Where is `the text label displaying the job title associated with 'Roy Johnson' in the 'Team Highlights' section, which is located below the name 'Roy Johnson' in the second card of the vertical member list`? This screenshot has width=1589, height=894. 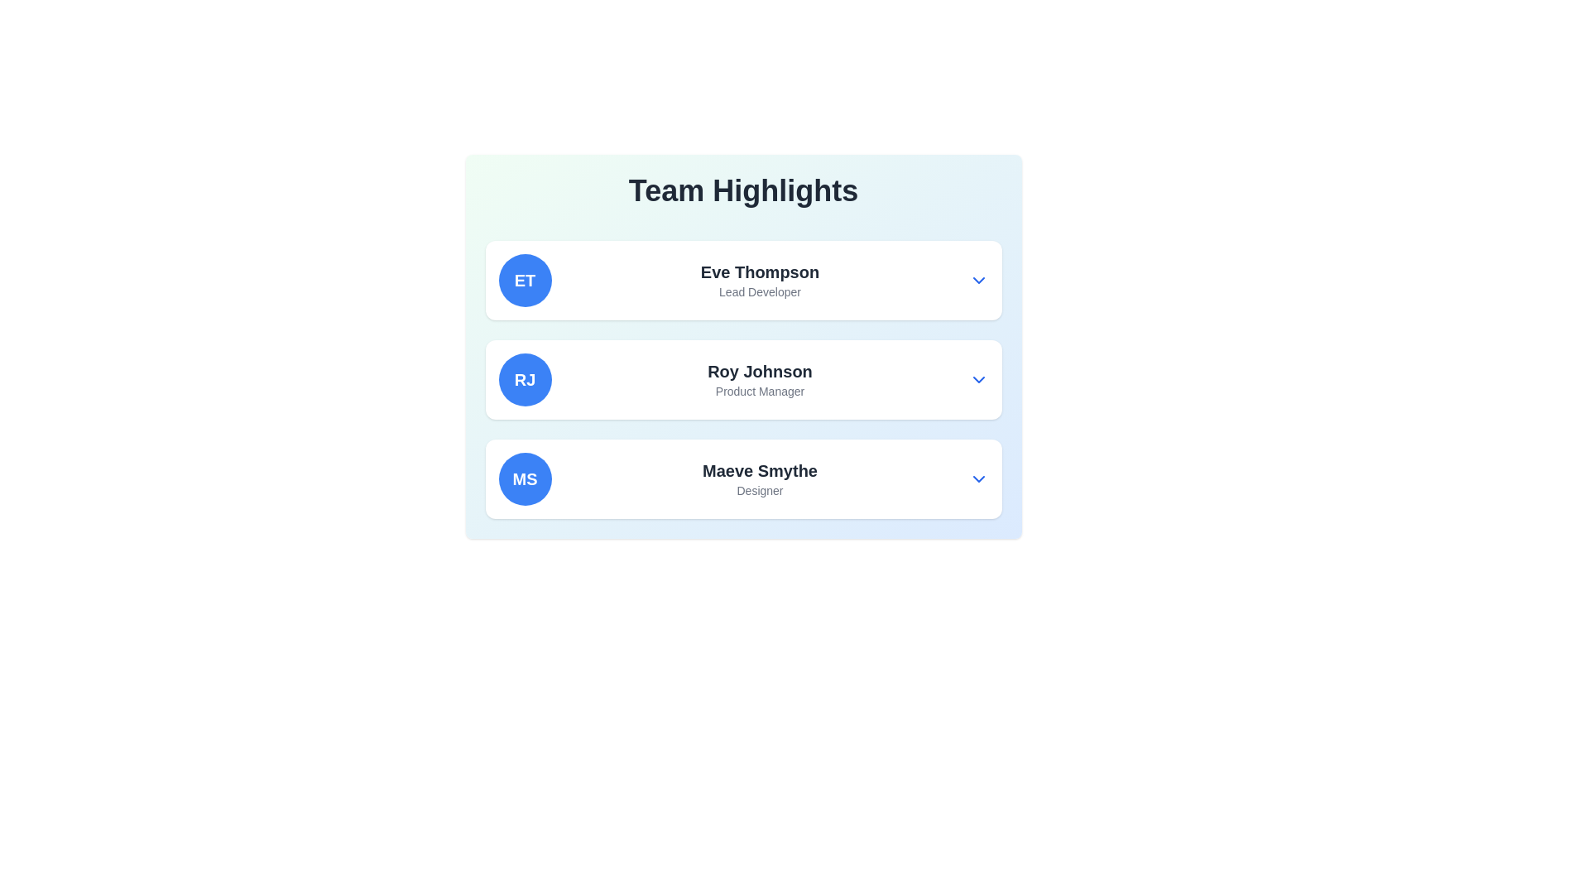
the text label displaying the job title associated with 'Roy Johnson' in the 'Team Highlights' section, which is located below the name 'Roy Johnson' in the second card of the vertical member list is located at coordinates (759, 392).